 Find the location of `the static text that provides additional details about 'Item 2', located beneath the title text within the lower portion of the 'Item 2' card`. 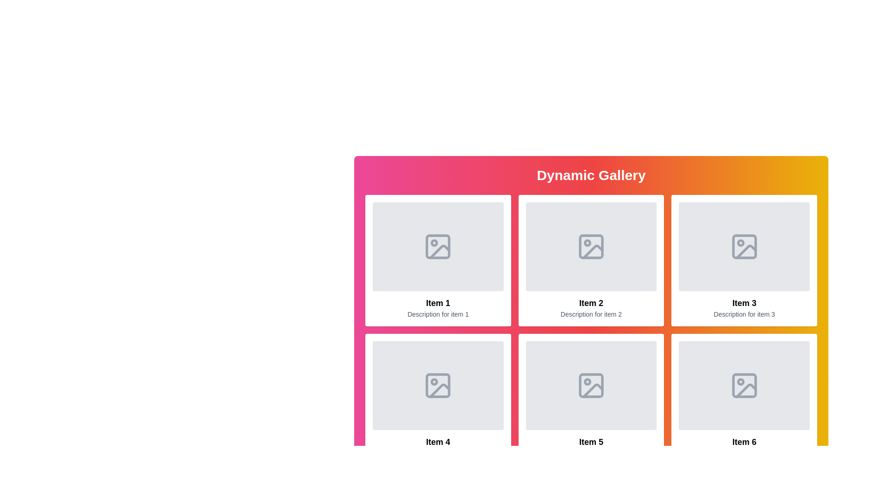

the static text that provides additional details about 'Item 2', located beneath the title text within the lower portion of the 'Item 2' card is located at coordinates (590, 313).